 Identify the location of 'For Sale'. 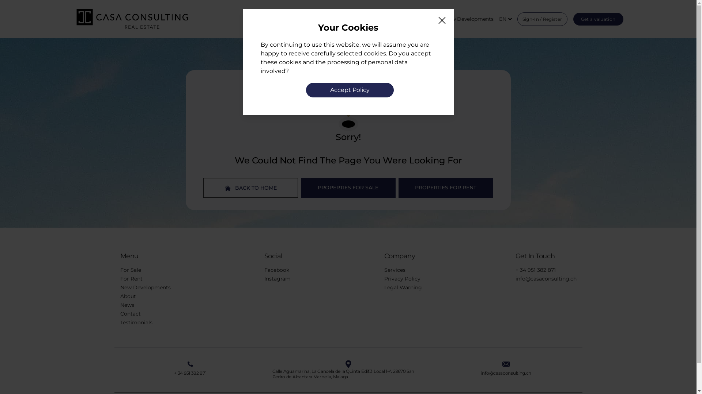
(130, 270).